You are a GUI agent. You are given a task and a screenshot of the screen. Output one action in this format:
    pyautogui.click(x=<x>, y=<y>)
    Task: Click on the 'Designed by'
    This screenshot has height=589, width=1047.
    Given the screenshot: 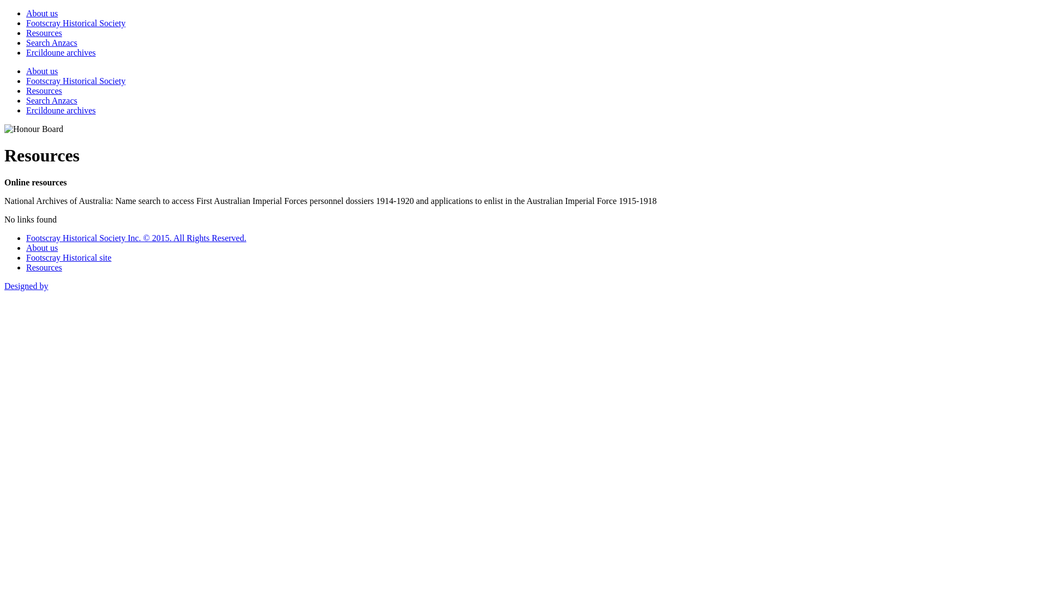 What is the action you would take?
    pyautogui.click(x=26, y=285)
    